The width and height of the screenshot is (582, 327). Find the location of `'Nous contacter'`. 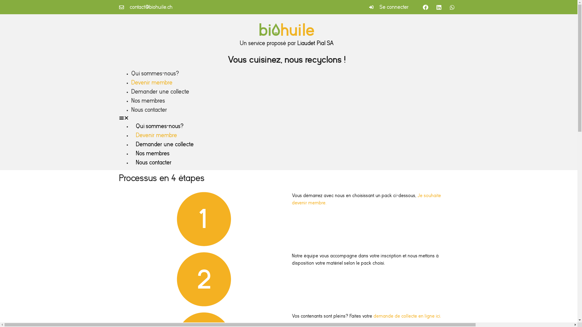

'Nous contacter' is located at coordinates (153, 162).